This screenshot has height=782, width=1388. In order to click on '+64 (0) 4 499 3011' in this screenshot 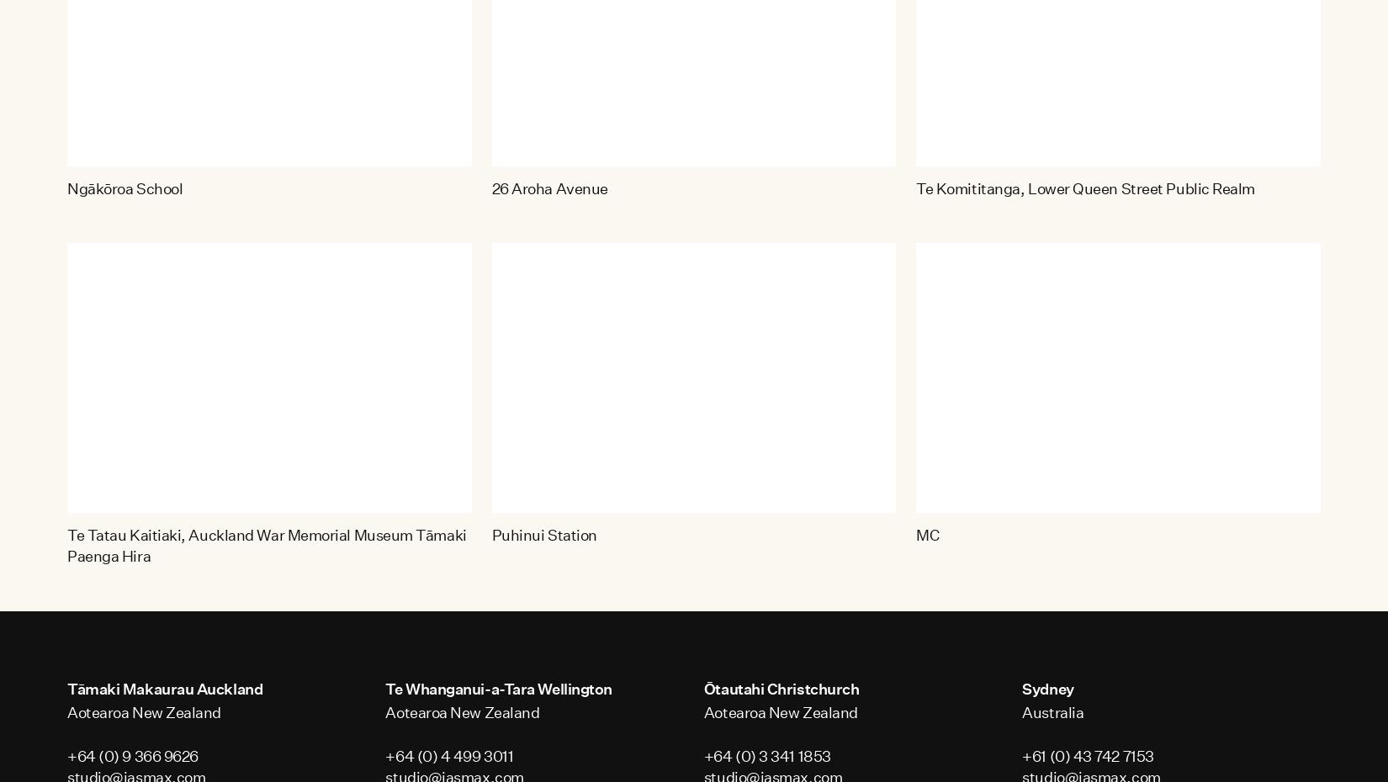, I will do `click(448, 755)`.